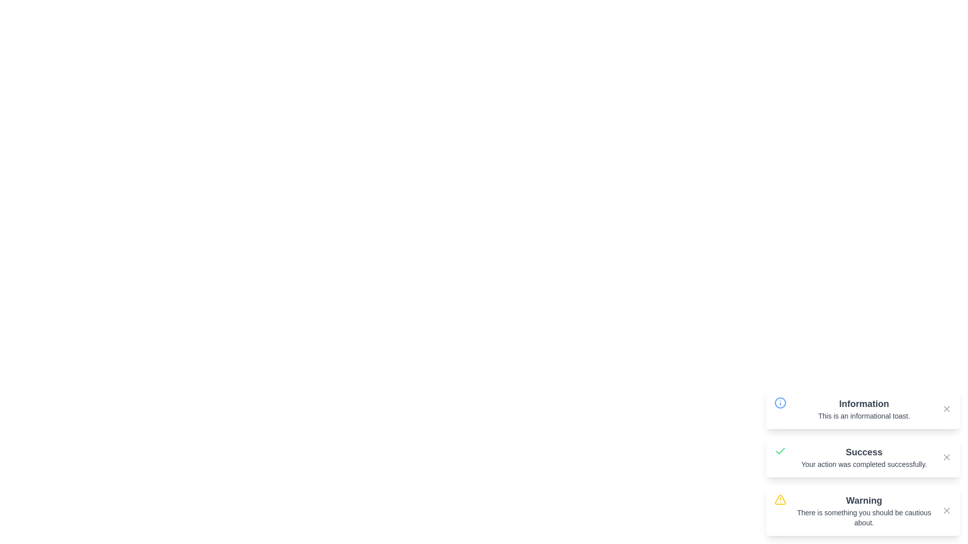 The height and width of the screenshot is (544, 968). Describe the element at coordinates (863, 511) in the screenshot. I see `the third notification toast located at the bottom right corner of the interface to interact with its contents` at that location.